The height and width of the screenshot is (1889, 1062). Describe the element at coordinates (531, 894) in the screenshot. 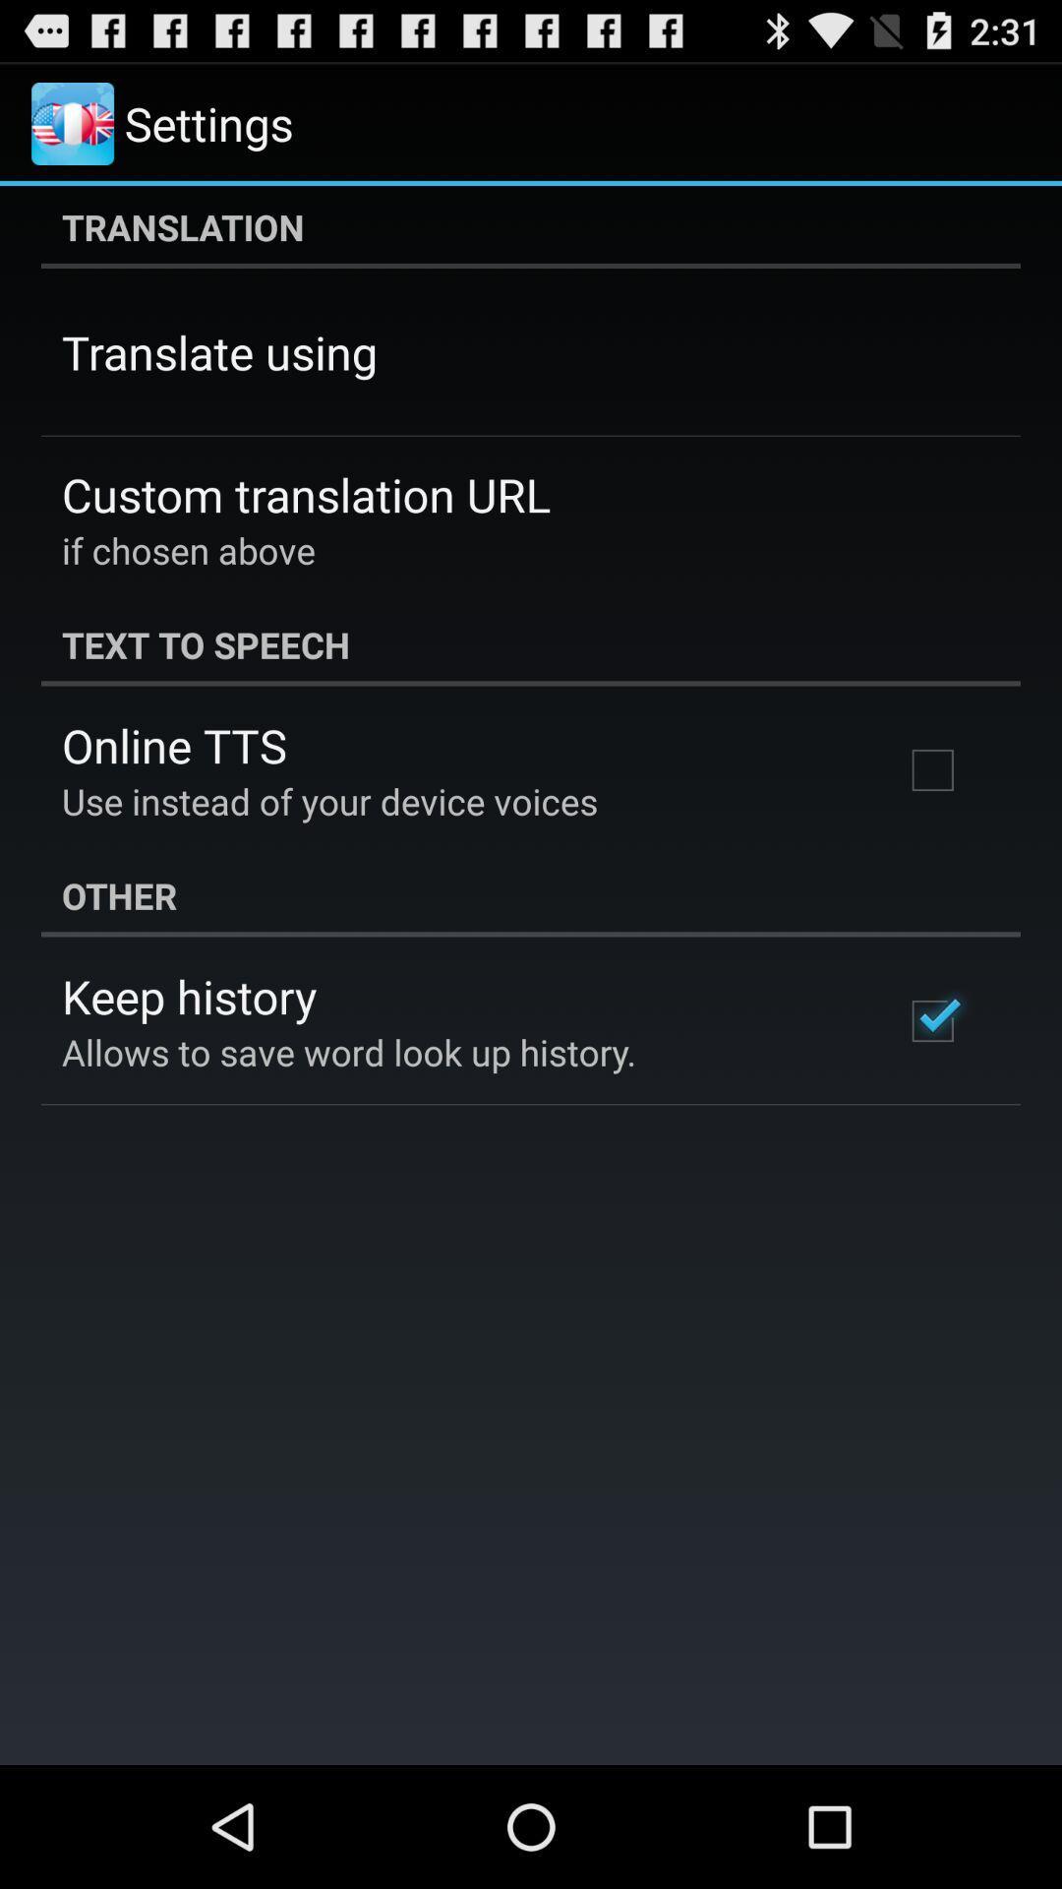

I see `other icon` at that location.